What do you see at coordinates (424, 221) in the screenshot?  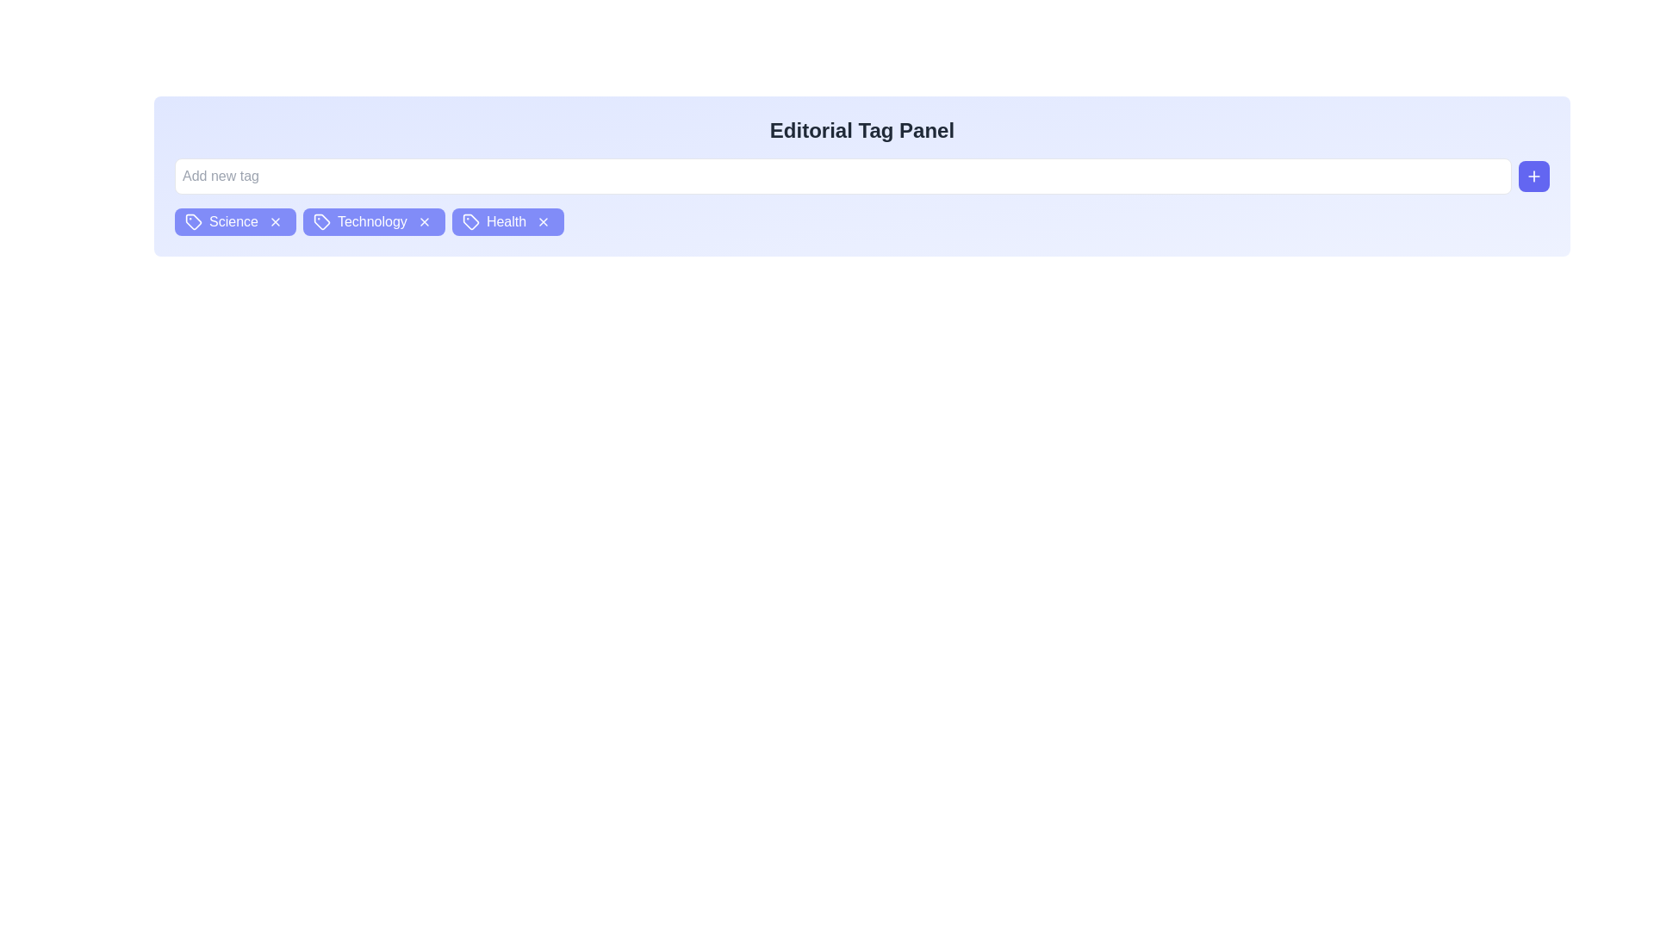 I see `the button with a minimalist 'X' design in white on a blue circular background, located to the right of the 'Technology' tag` at bounding box center [424, 221].